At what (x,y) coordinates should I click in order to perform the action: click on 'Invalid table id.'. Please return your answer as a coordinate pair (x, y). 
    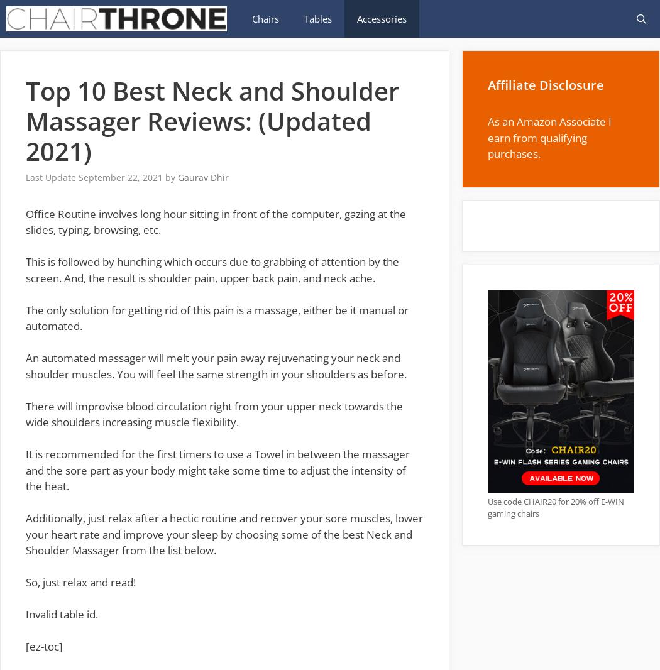
    Looking at the image, I should click on (62, 614).